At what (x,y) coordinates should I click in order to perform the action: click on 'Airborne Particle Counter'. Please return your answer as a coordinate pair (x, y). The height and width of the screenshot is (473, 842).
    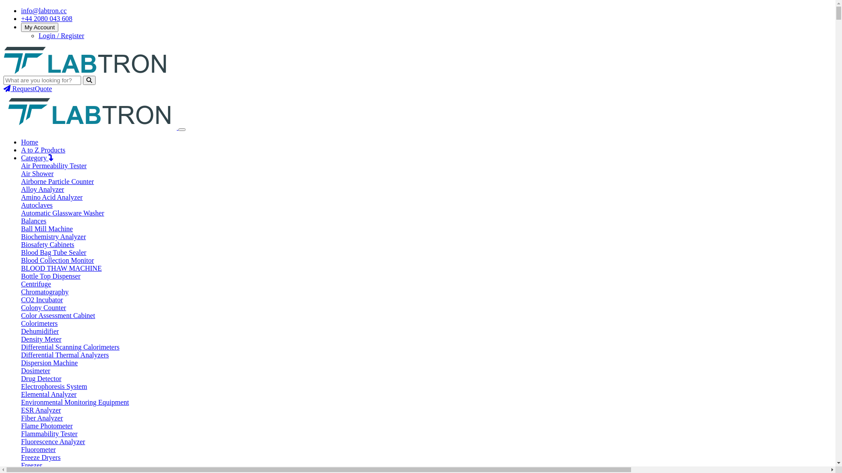
    Looking at the image, I should click on (57, 181).